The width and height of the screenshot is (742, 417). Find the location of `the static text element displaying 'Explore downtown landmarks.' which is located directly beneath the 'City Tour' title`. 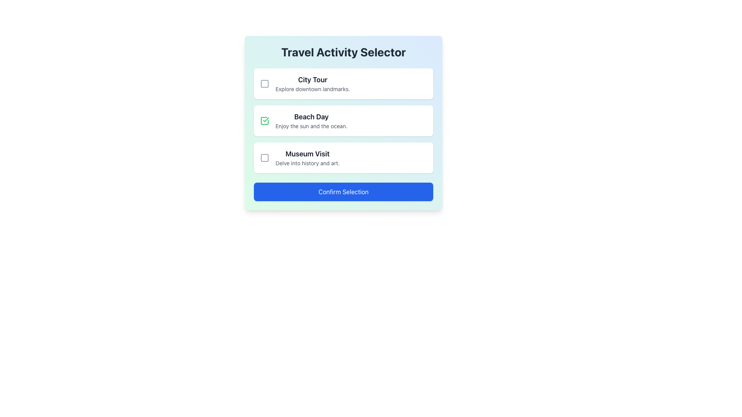

the static text element displaying 'Explore downtown landmarks.' which is located directly beneath the 'City Tour' title is located at coordinates (313, 89).